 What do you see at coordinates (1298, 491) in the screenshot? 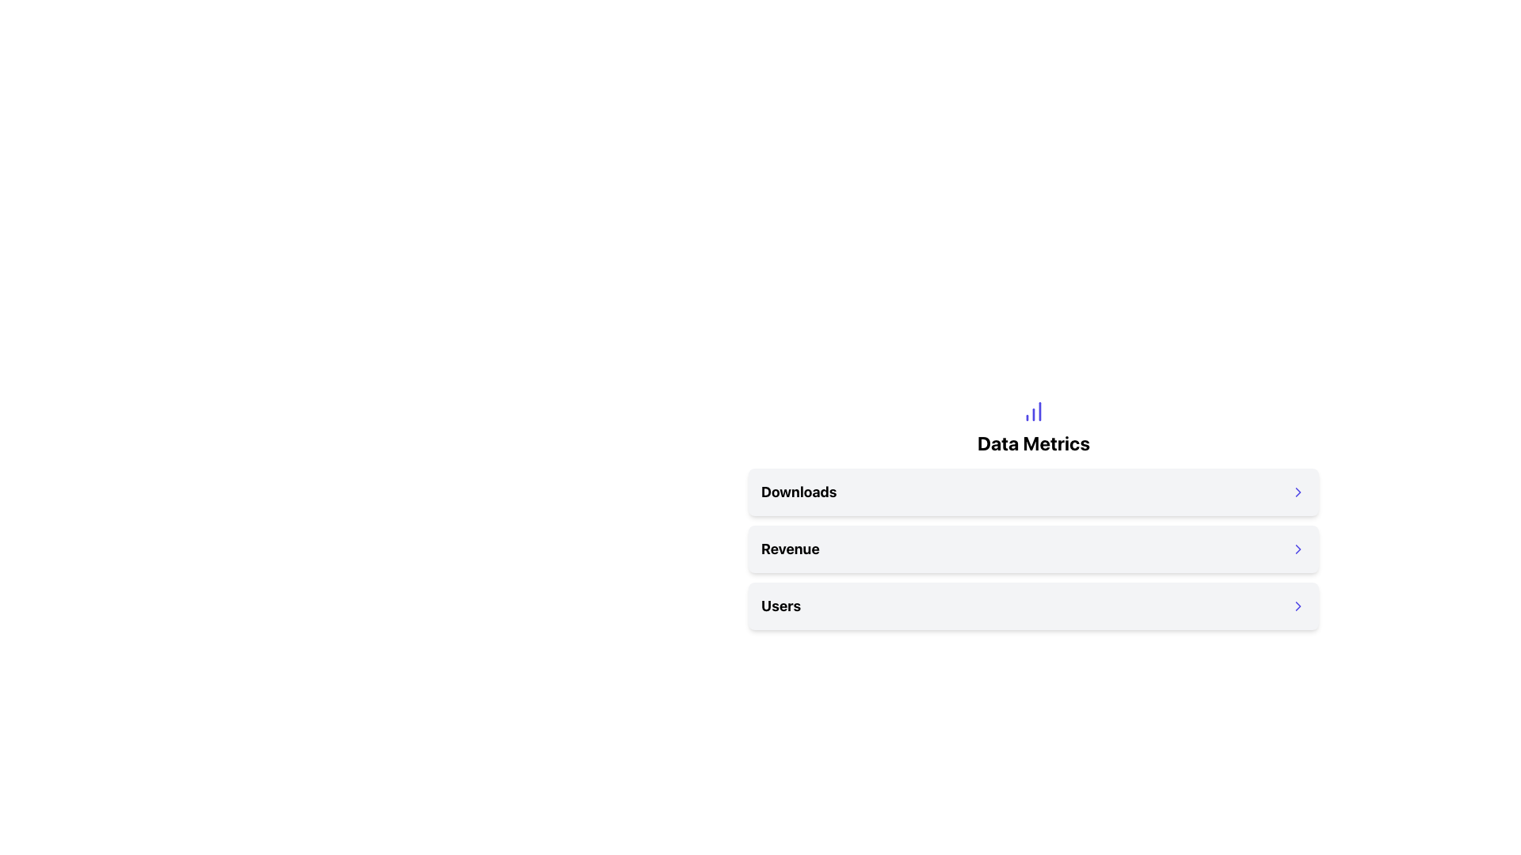
I see `the indigo chevron icon` at bounding box center [1298, 491].